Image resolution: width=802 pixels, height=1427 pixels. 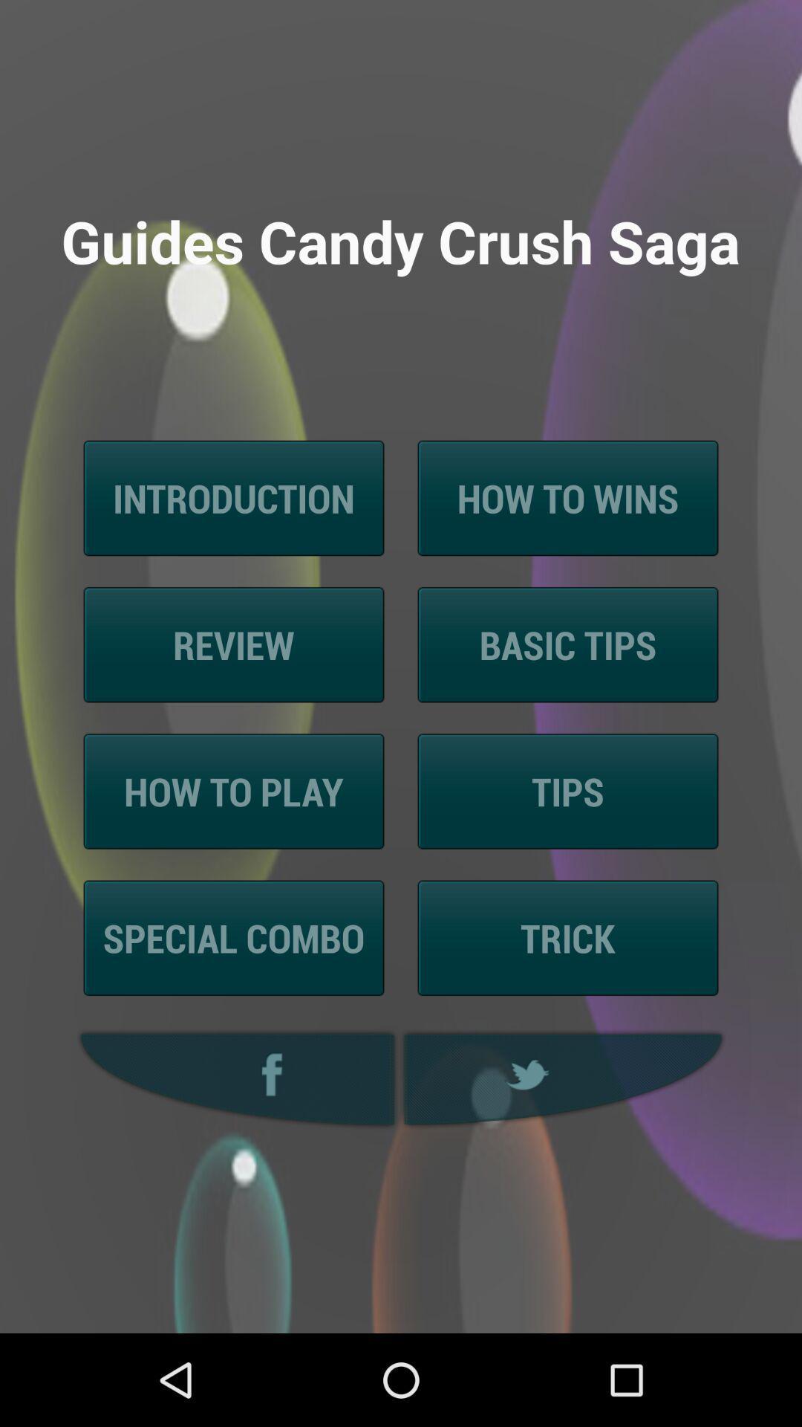 What do you see at coordinates (567, 644) in the screenshot?
I see `the item above tips icon` at bounding box center [567, 644].